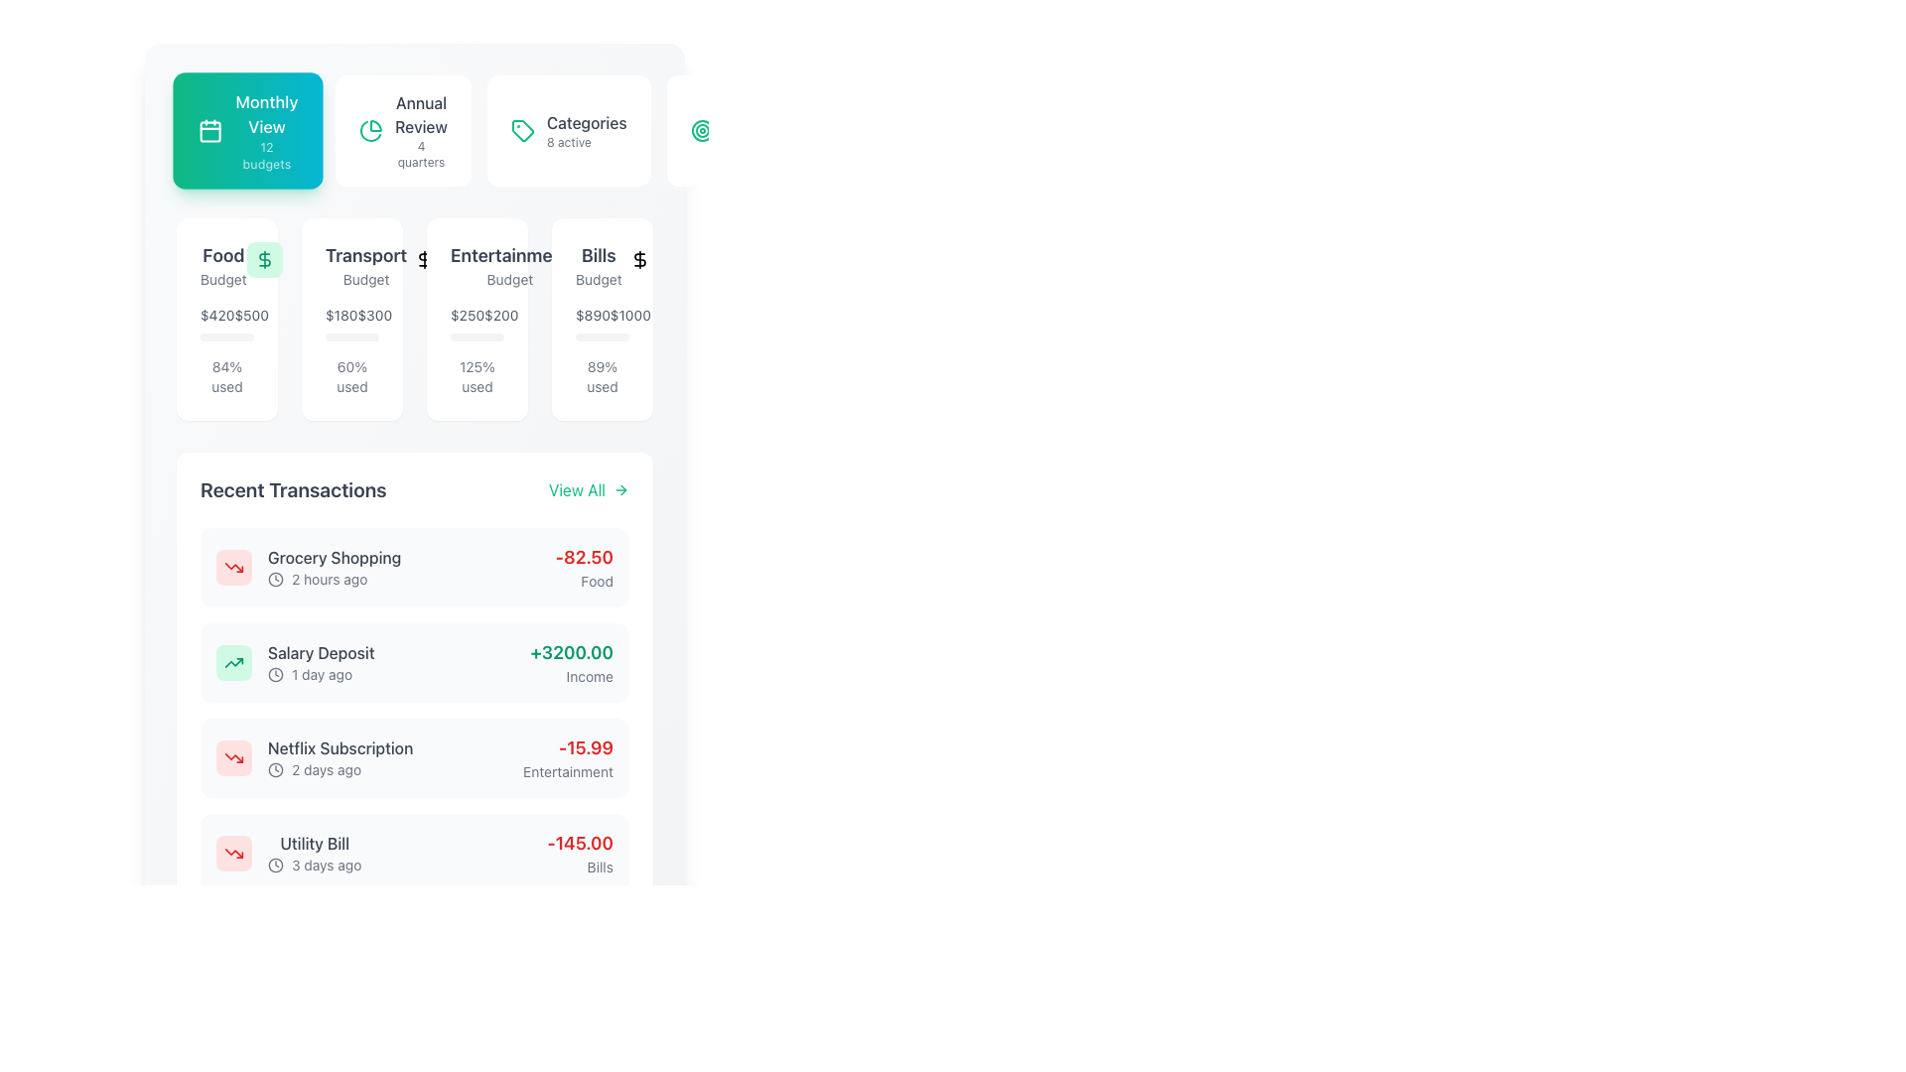  What do you see at coordinates (413, 662) in the screenshot?
I see `the second entry in the 'Recent Transactions' section, which summarizes a specific financial transaction, located below 'Grocery Shopping'` at bounding box center [413, 662].